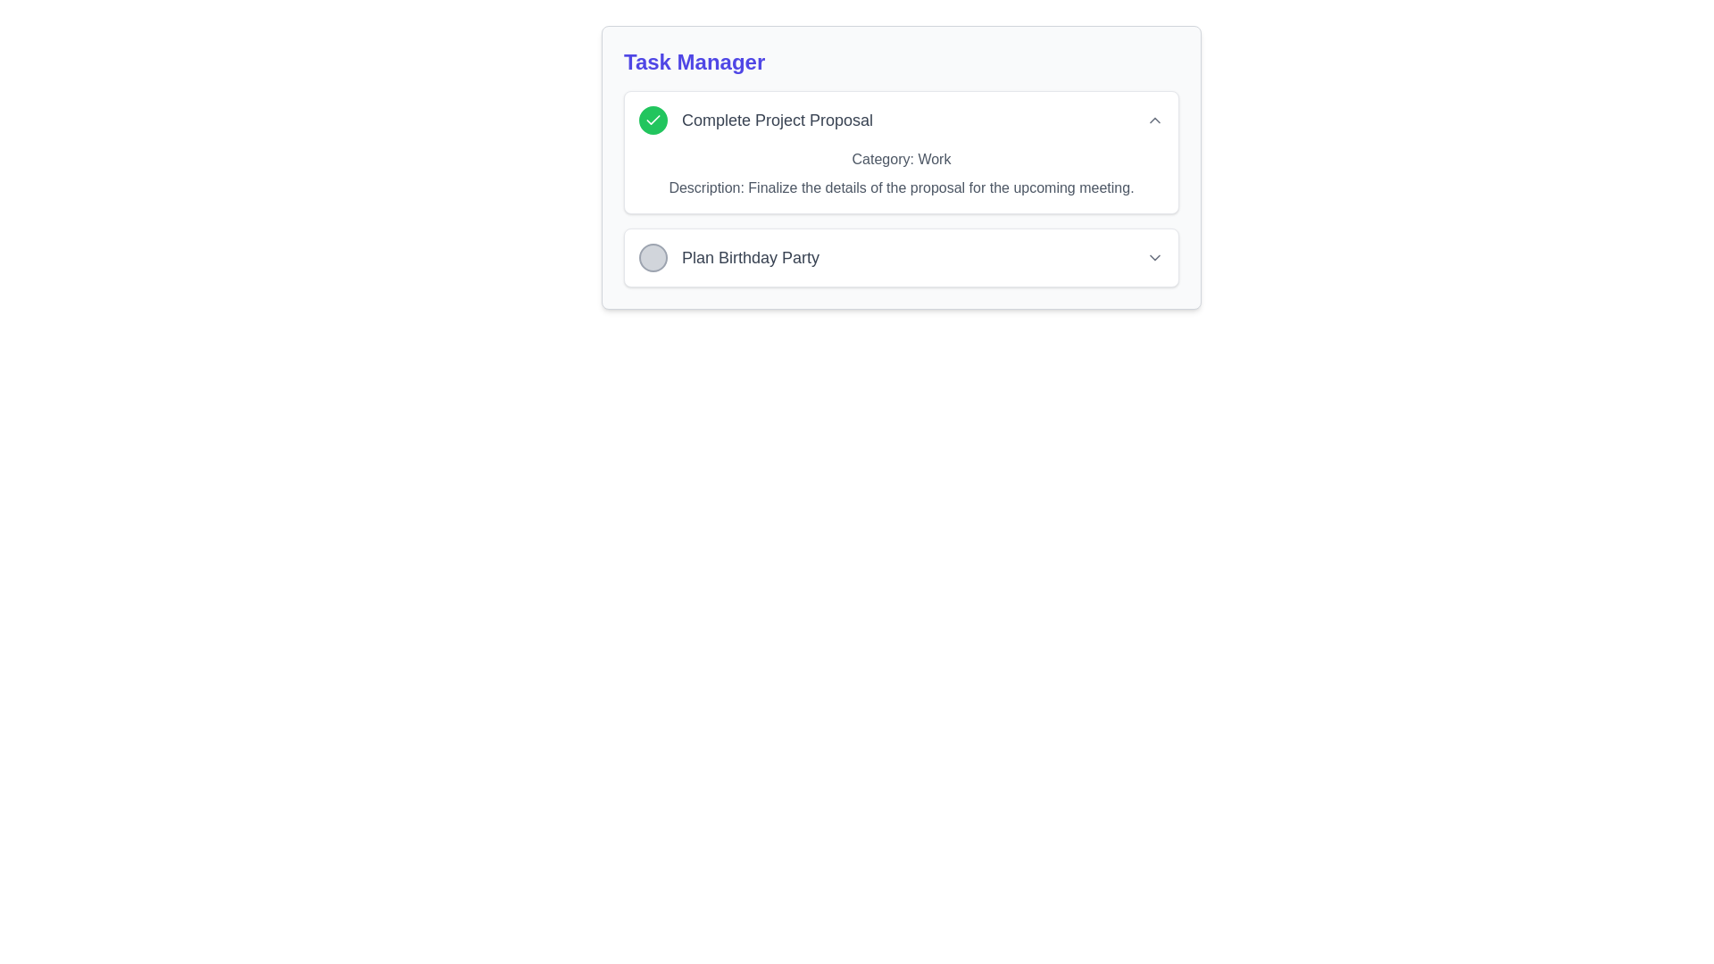 Image resolution: width=1714 pixels, height=964 pixels. I want to click on the circular green icon with a white checkmark that indicates a completed status, located to the left of the text 'Complete Project Proposal', so click(652, 120).